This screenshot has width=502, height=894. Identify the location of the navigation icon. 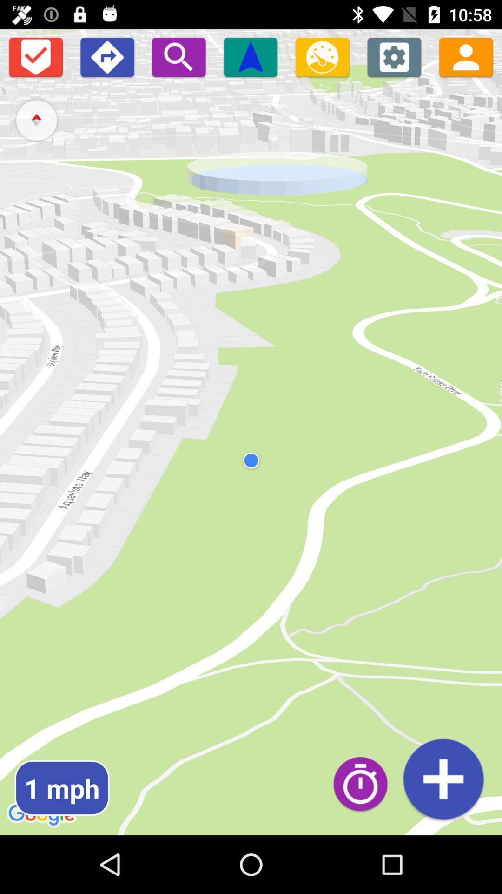
(250, 56).